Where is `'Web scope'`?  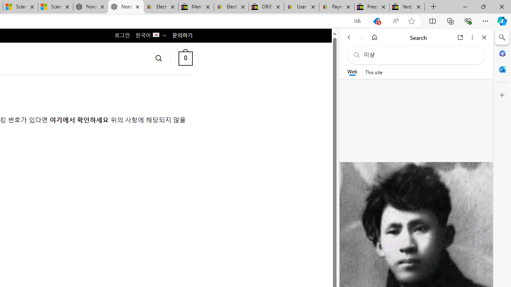 'Web scope' is located at coordinates (352, 72).